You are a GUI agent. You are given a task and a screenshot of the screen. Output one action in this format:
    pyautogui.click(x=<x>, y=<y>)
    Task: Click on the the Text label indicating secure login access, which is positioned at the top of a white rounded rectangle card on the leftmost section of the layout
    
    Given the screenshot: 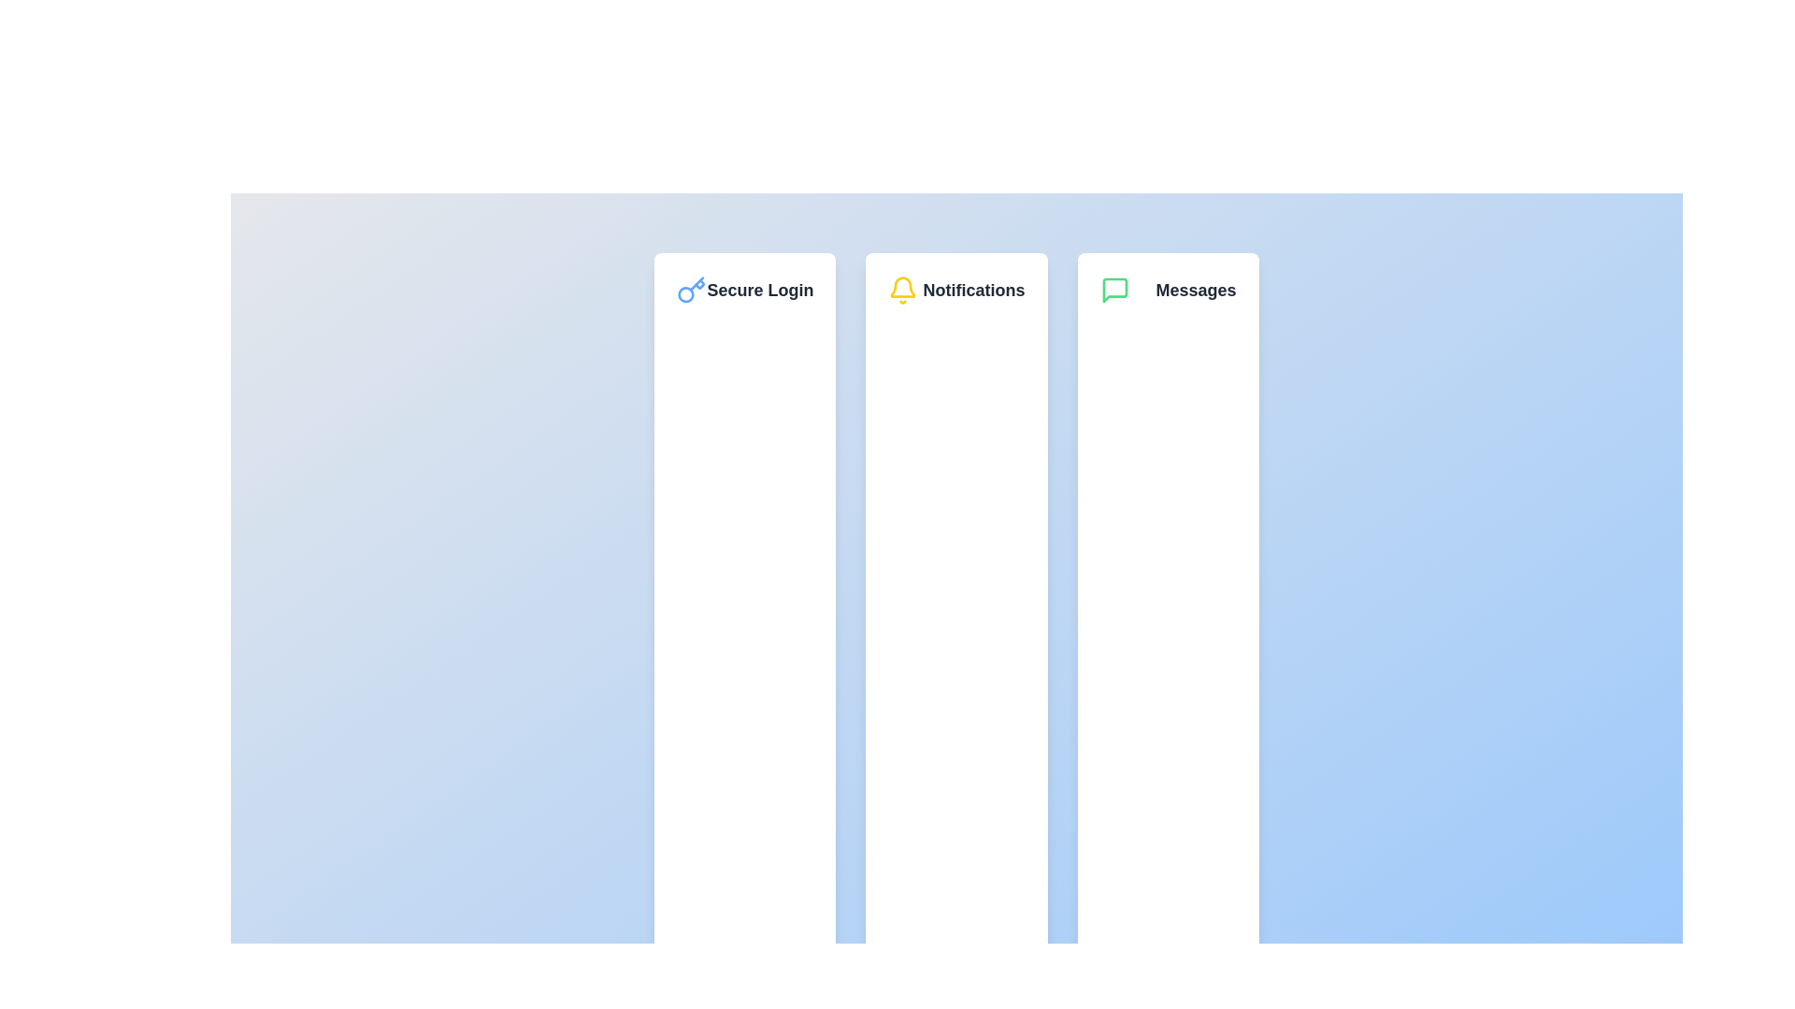 What is the action you would take?
    pyautogui.click(x=744, y=291)
    